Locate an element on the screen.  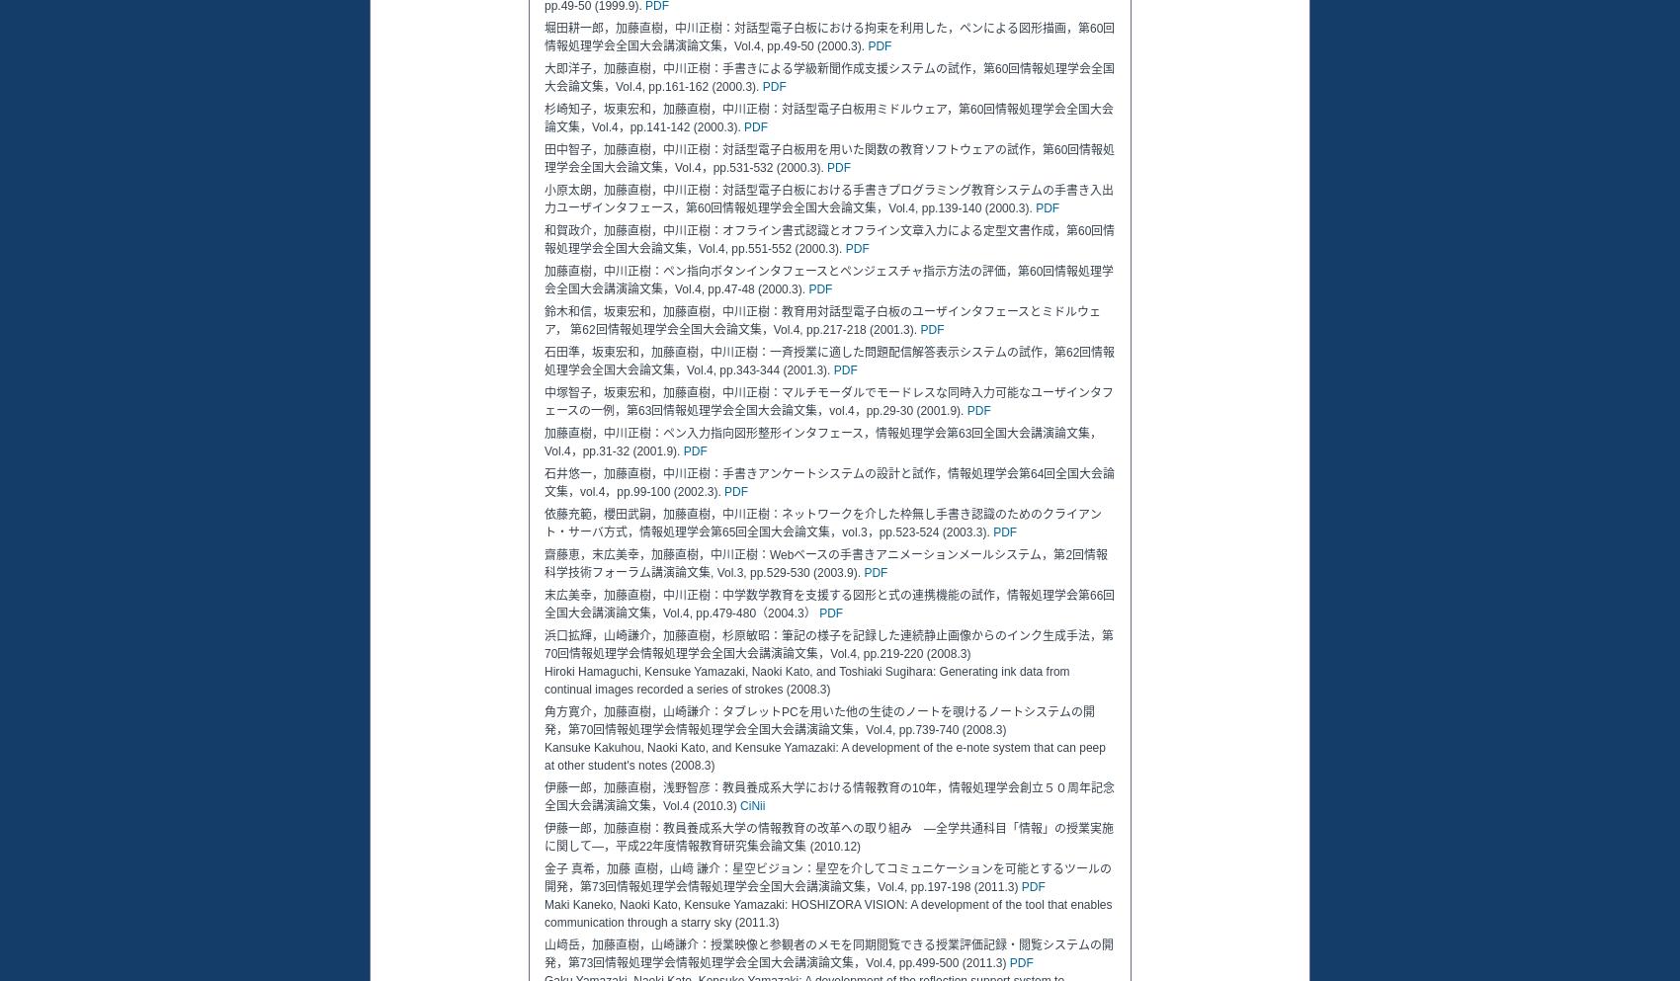
'浜口拡輝，山崎謙介，加藤直樹，杉原敏昭：筆記の様子を記録した連続静止画像からのインク生成手法，第70回情報処理学会情報処理学会全国大会講演論文集，Vol.4, pp.219-220 (2008.3)' is located at coordinates (827, 644).